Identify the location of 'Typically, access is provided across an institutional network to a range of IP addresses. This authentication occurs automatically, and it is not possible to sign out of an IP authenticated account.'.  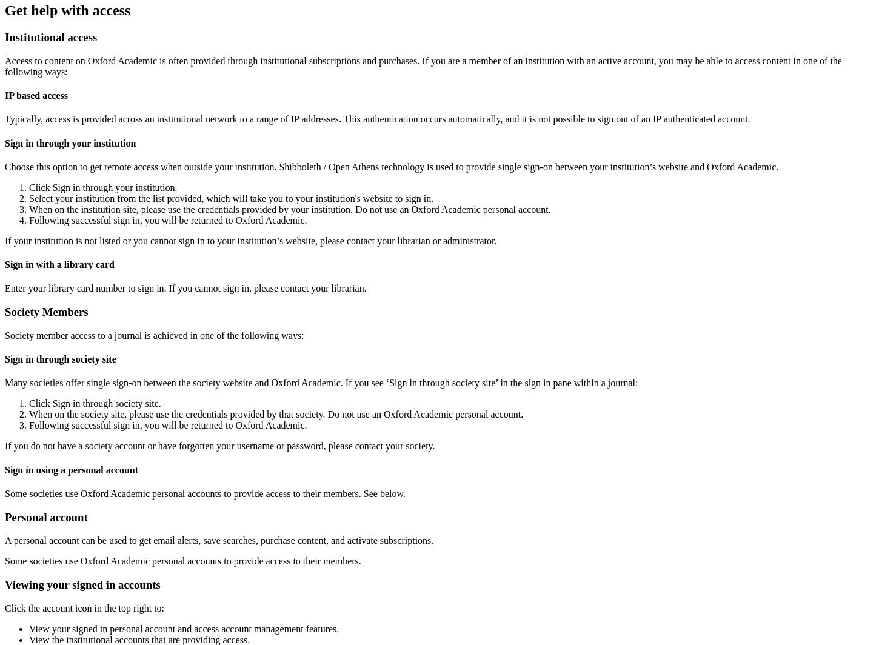
(376, 119).